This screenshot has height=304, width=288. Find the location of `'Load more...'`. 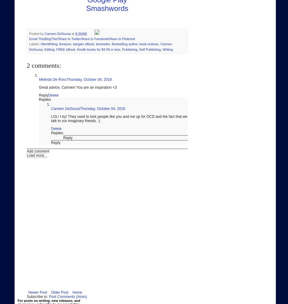

'Load more...' is located at coordinates (26, 155).